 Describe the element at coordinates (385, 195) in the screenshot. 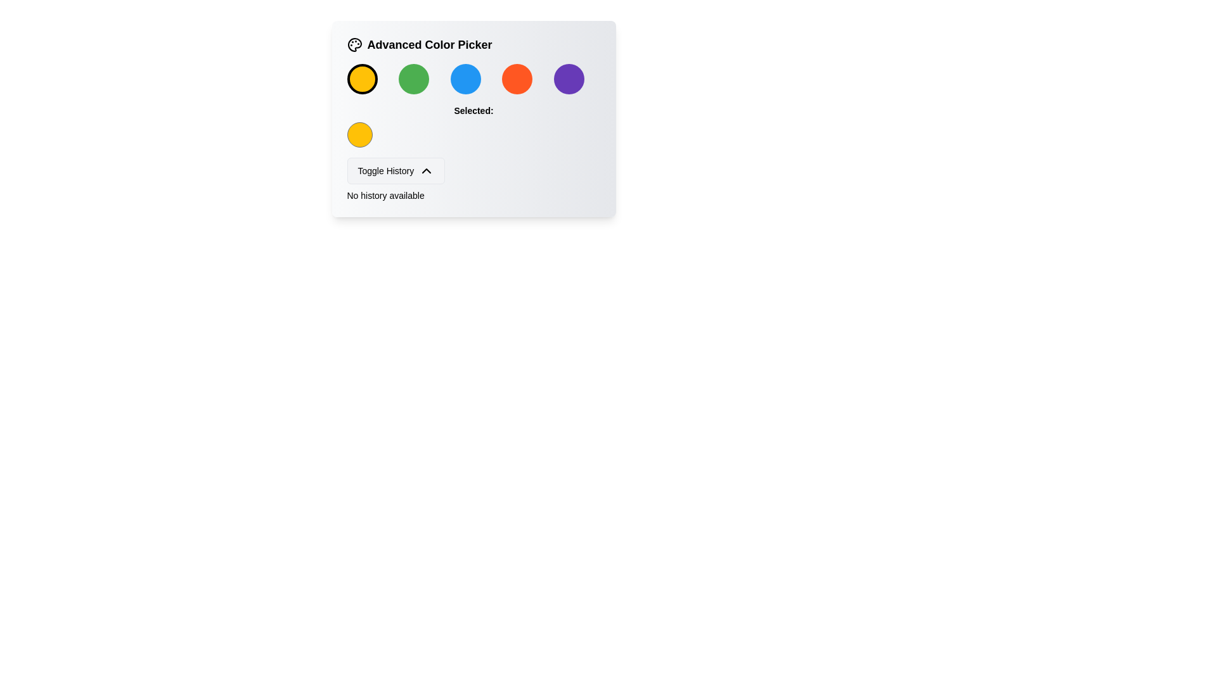

I see `the static text label that reads 'No history available', which indicates the unavailability of history in the interface` at that location.